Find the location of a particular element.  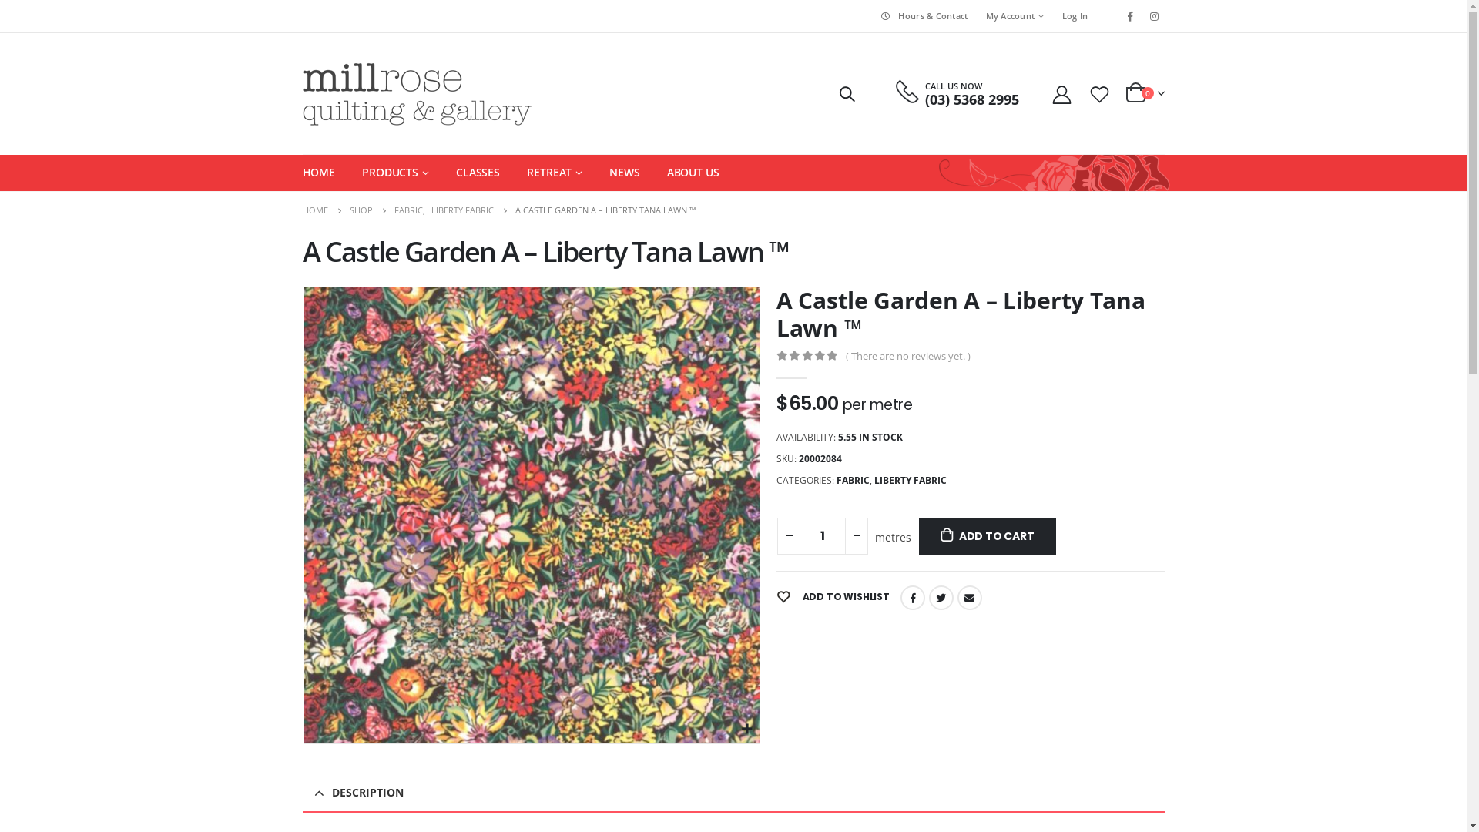

'HOME' is located at coordinates (317, 172).